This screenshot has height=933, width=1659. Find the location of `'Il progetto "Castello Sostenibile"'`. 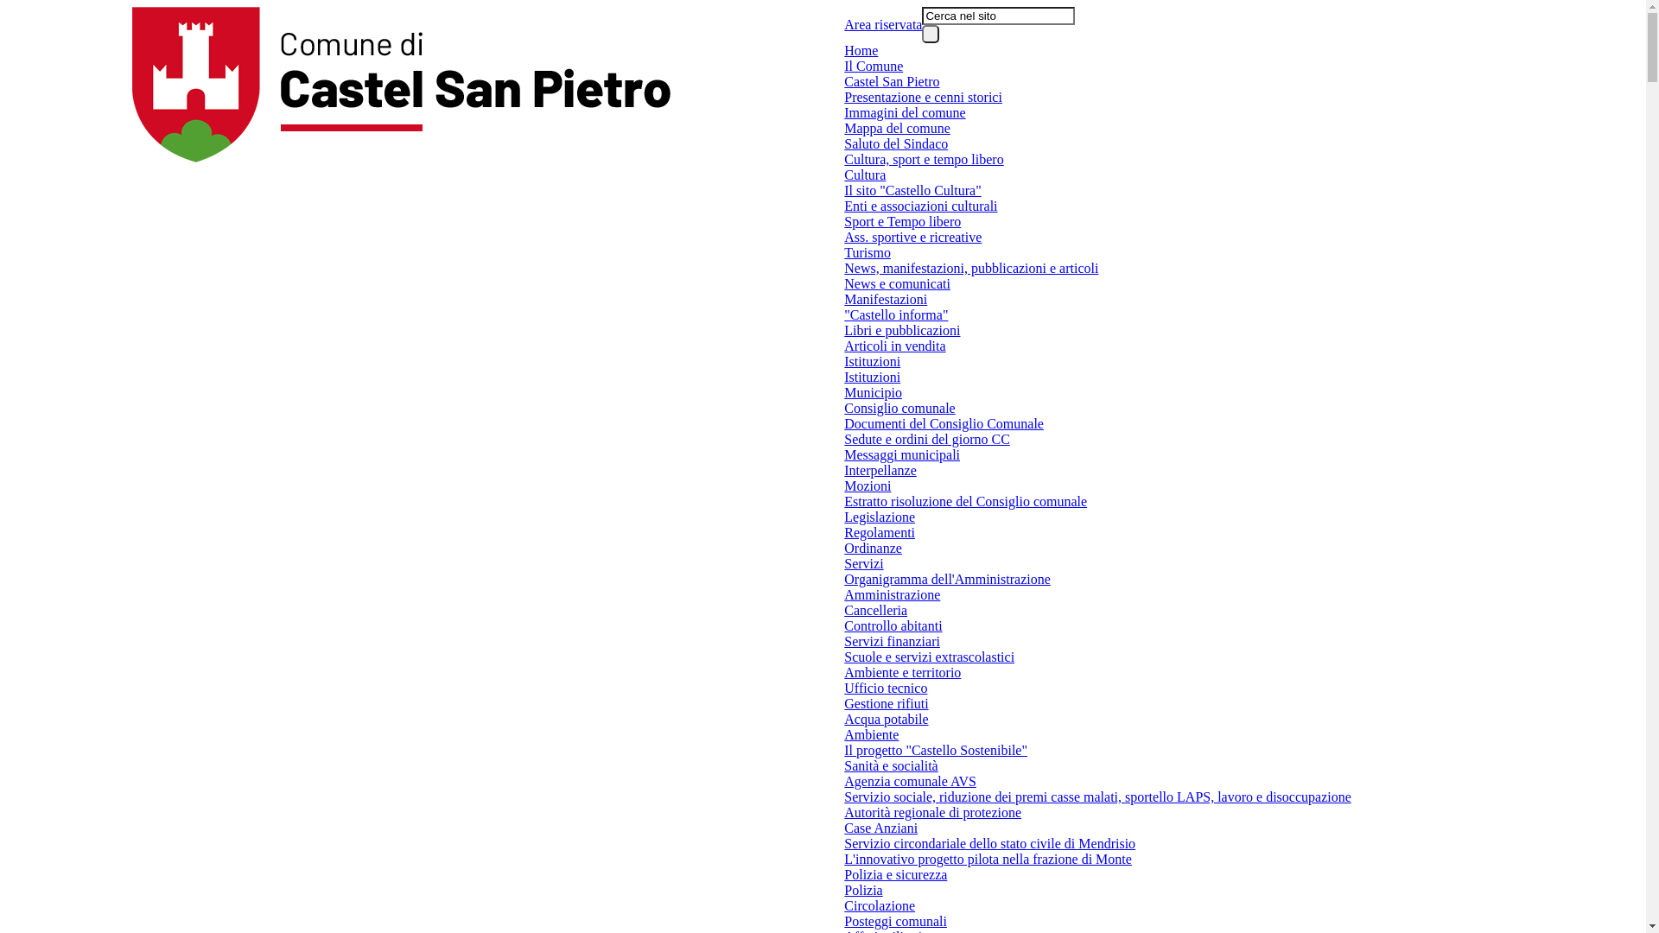

'Il progetto "Castello Sostenibile"' is located at coordinates (844, 749).